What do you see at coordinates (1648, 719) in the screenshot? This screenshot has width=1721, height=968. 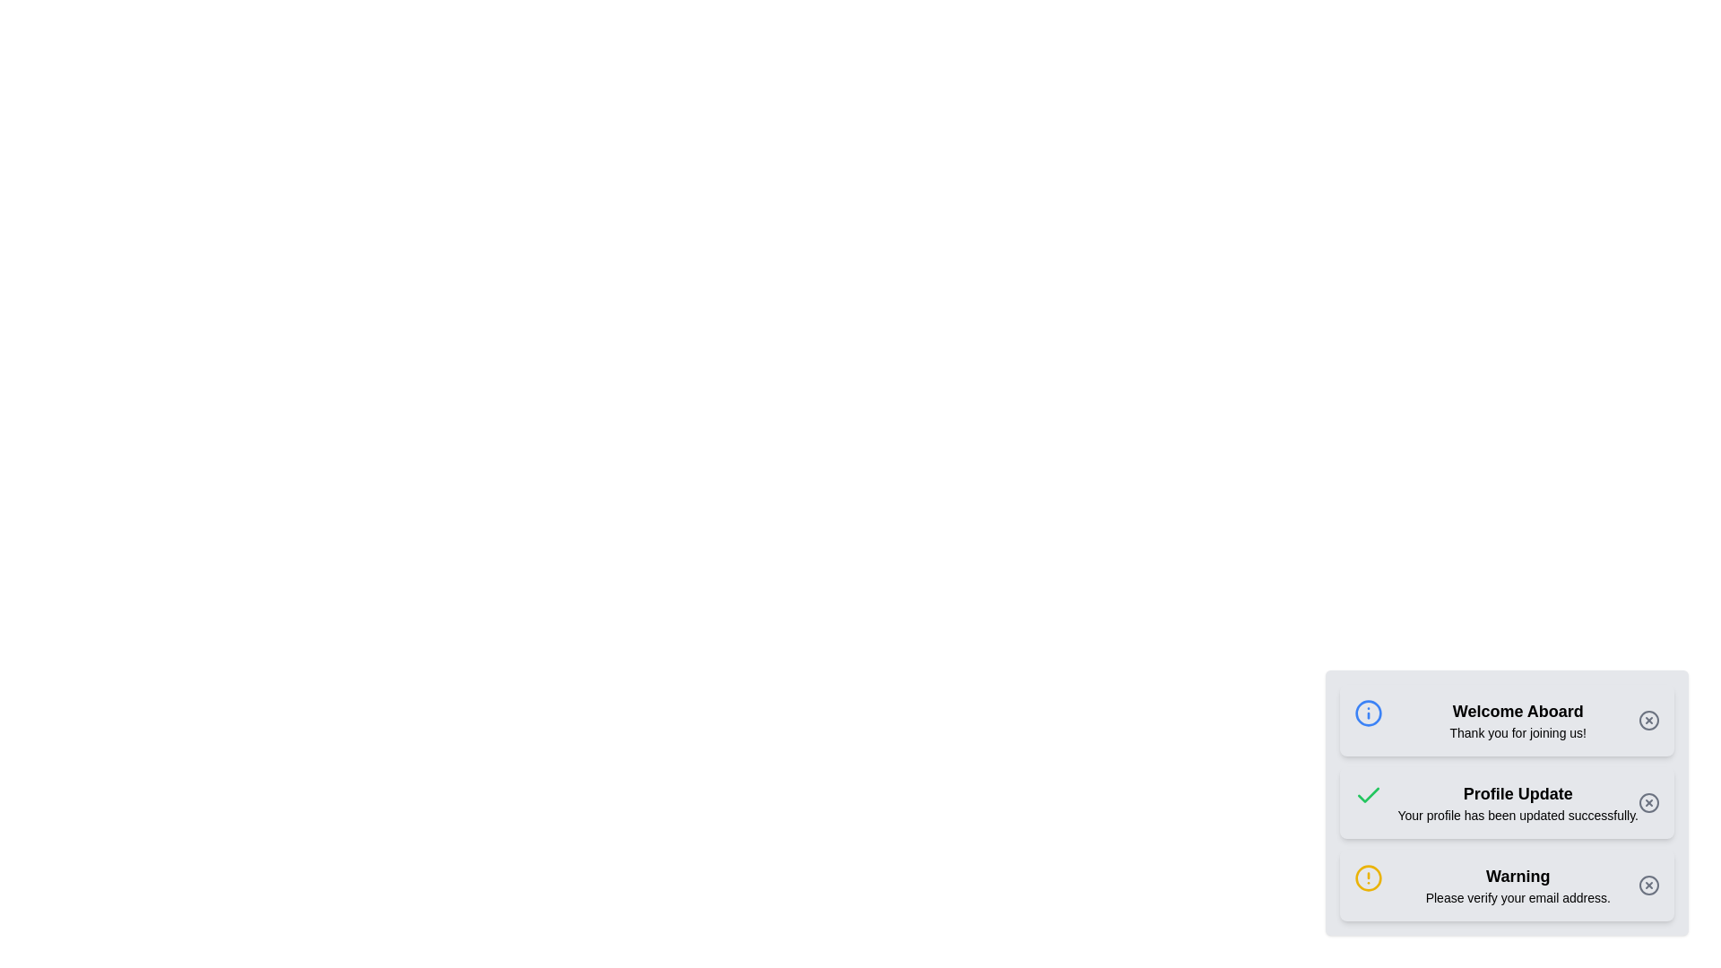 I see `the close button on the right side of the 'Welcome Aboard' notification box` at bounding box center [1648, 719].